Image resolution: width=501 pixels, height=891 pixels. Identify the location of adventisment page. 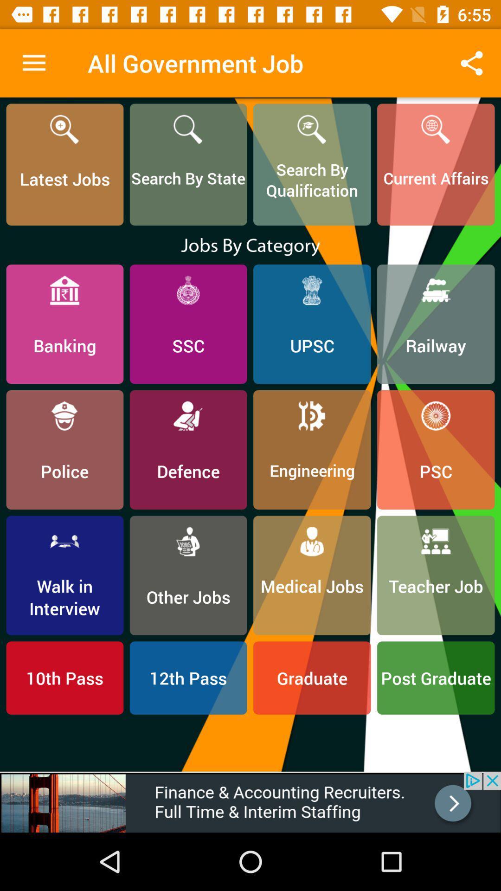
(250, 801).